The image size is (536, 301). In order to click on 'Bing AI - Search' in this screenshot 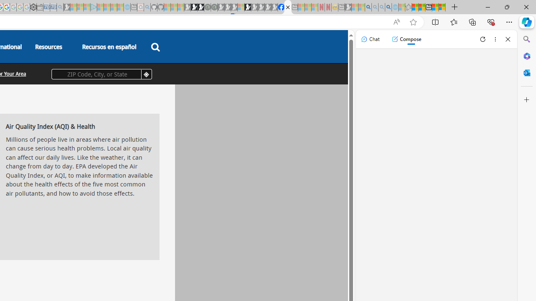, I will do `click(368, 7)`.